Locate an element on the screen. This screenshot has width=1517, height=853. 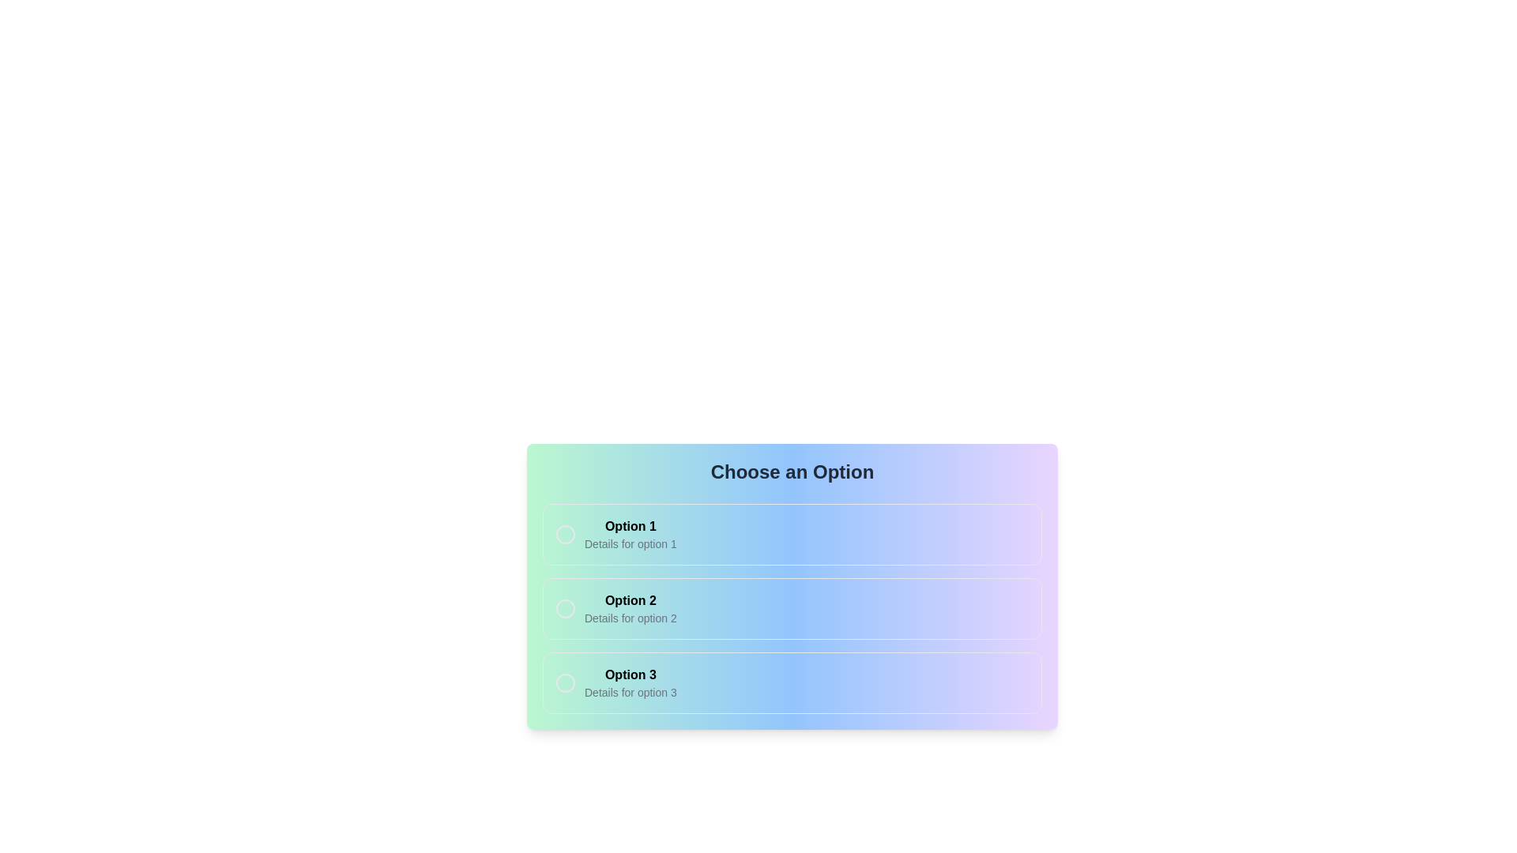
the second selectable option labeled 'Option 2' in the horizontally aligned list with a gradient background is located at coordinates (792, 620).